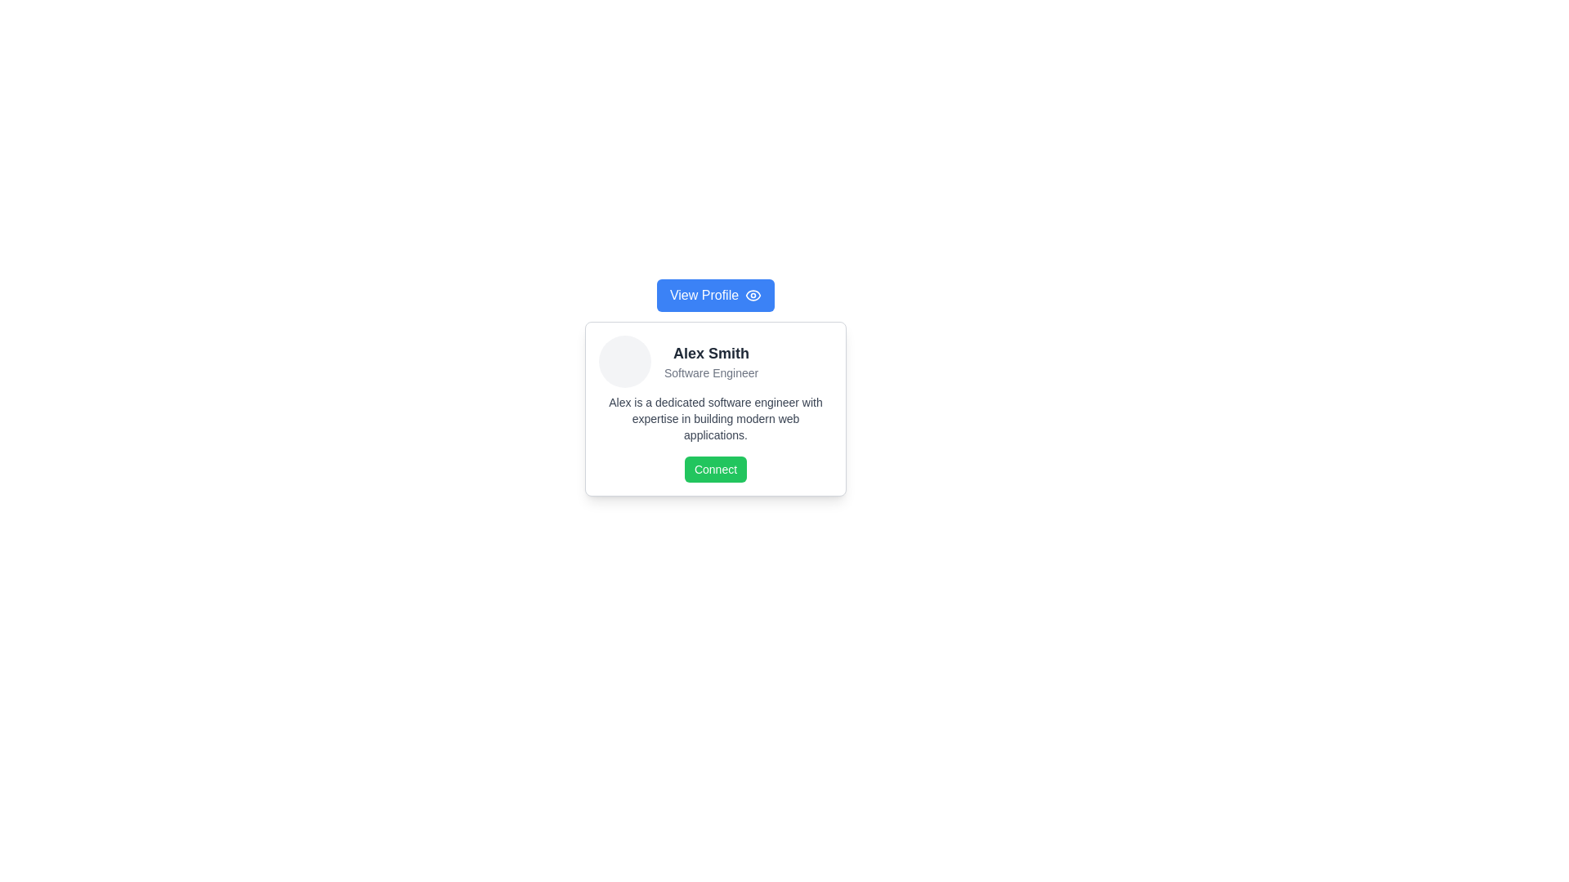 This screenshot has height=882, width=1569. I want to click on the 'Connect' button which has a green background and white text, located at the bottom of Alex Smith's profile card to observe the hover effect, so click(715, 469).